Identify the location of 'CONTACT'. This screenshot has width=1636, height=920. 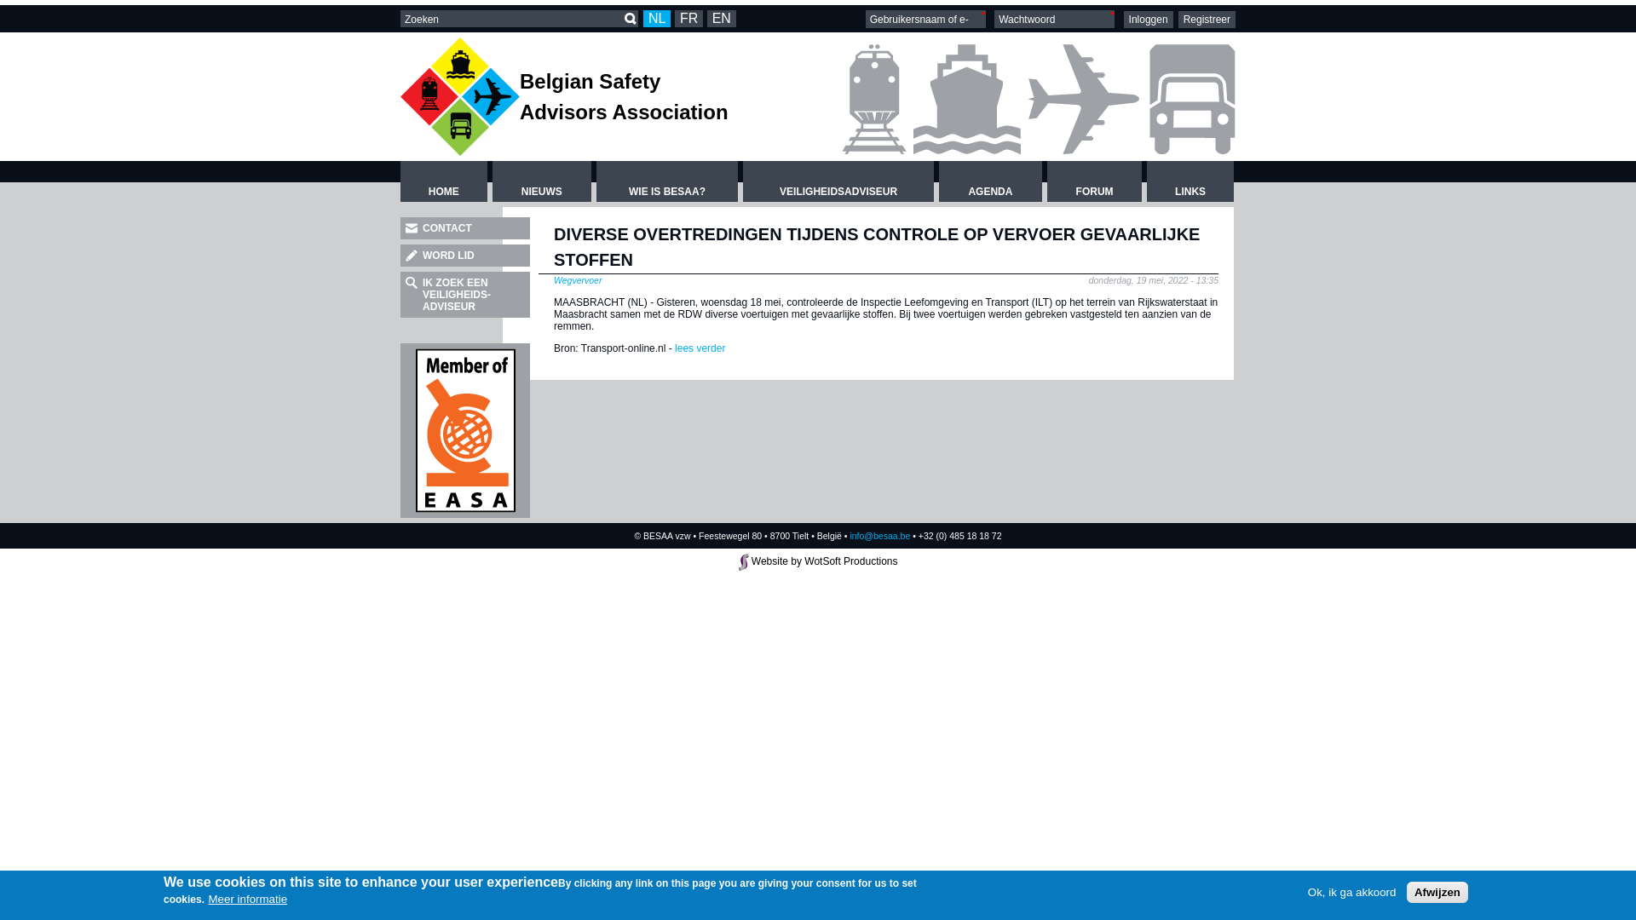
(465, 227).